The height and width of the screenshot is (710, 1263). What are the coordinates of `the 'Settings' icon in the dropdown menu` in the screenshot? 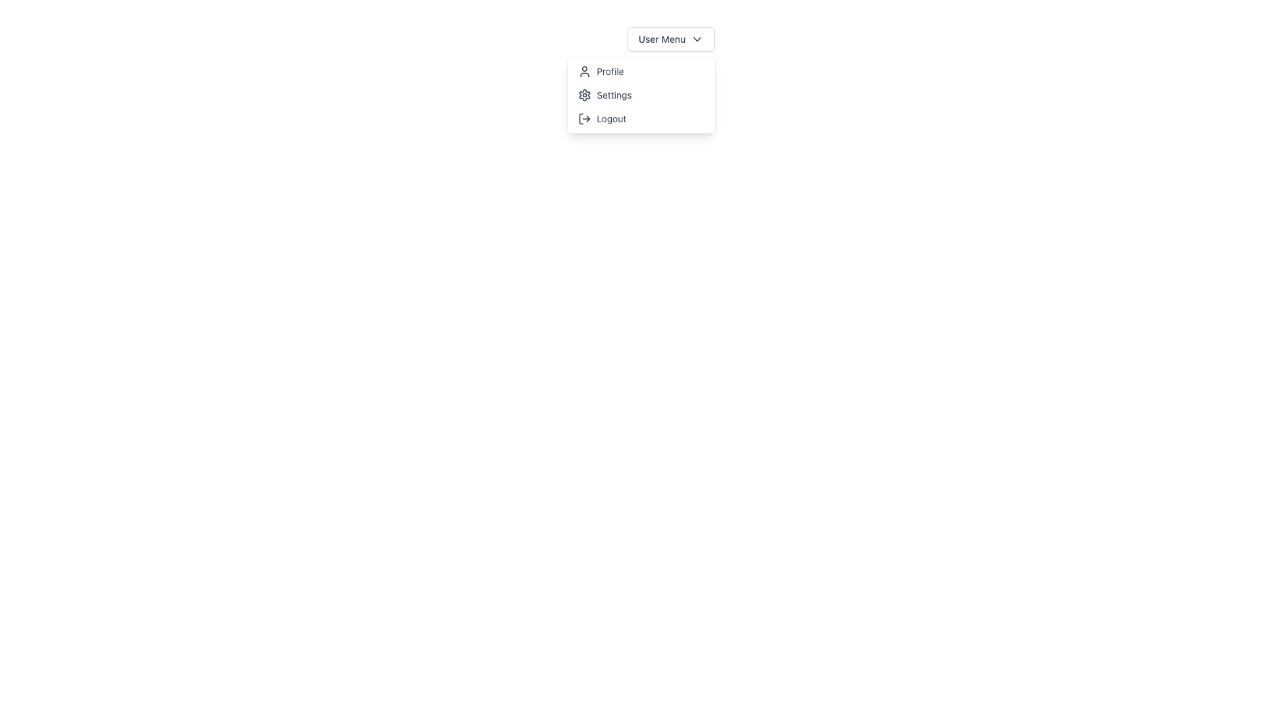 It's located at (584, 95).